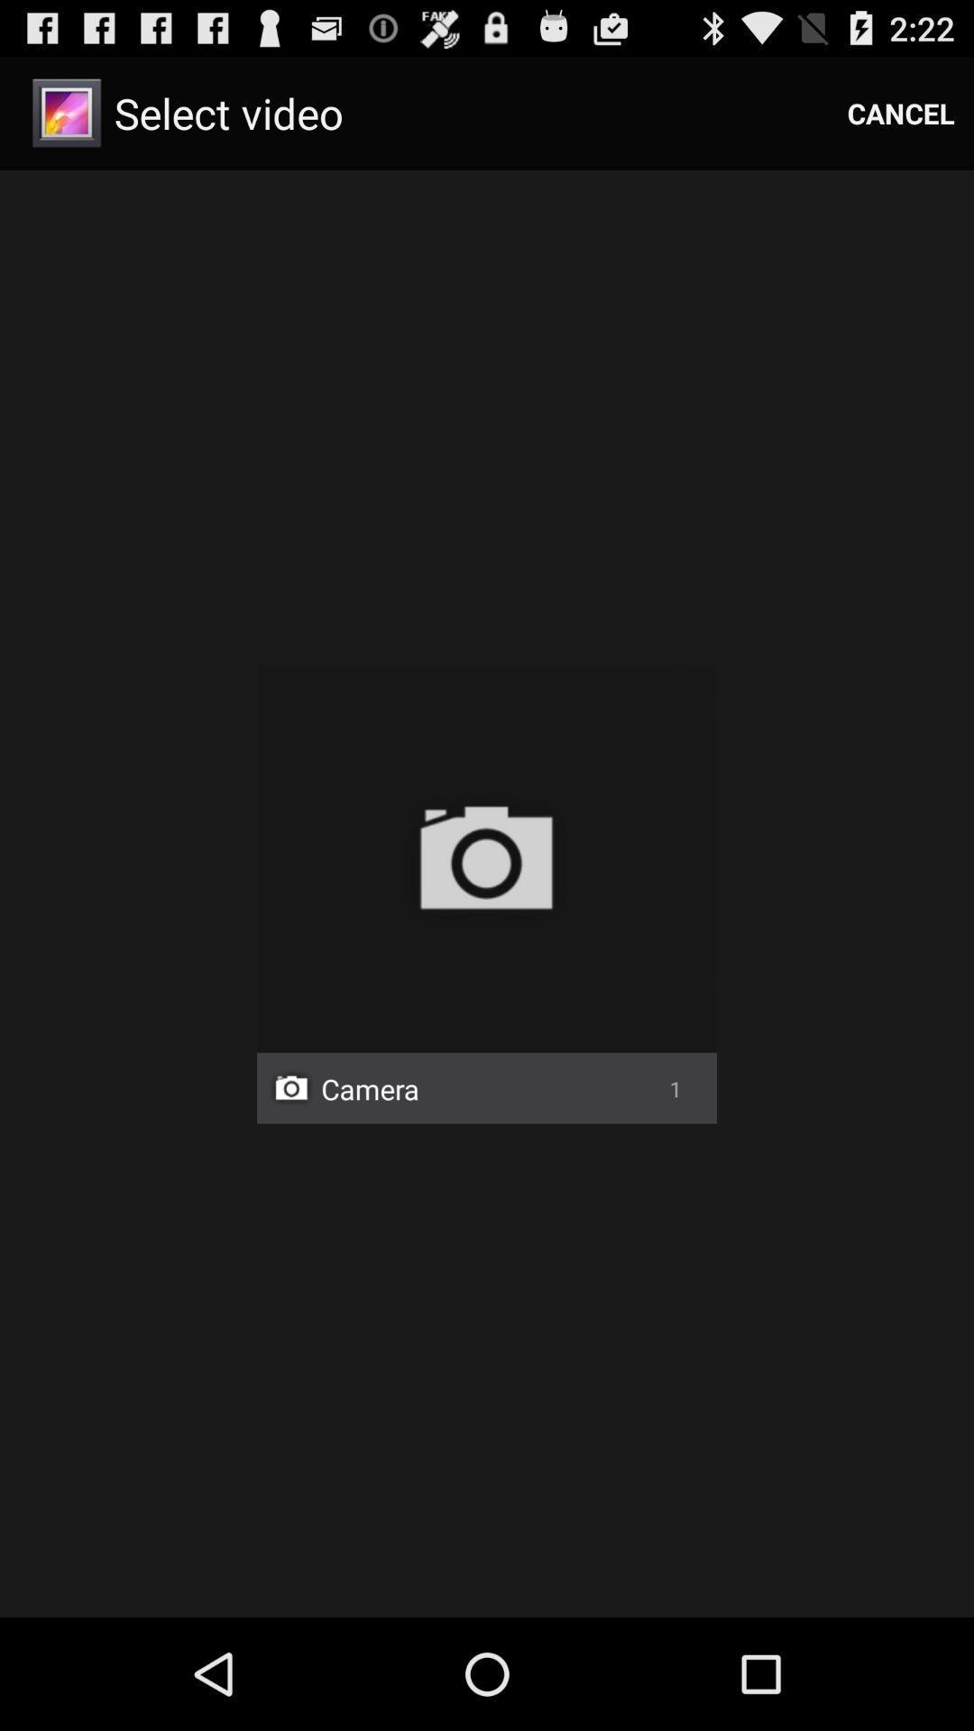 The image size is (974, 1731). I want to click on cancel icon, so click(901, 112).